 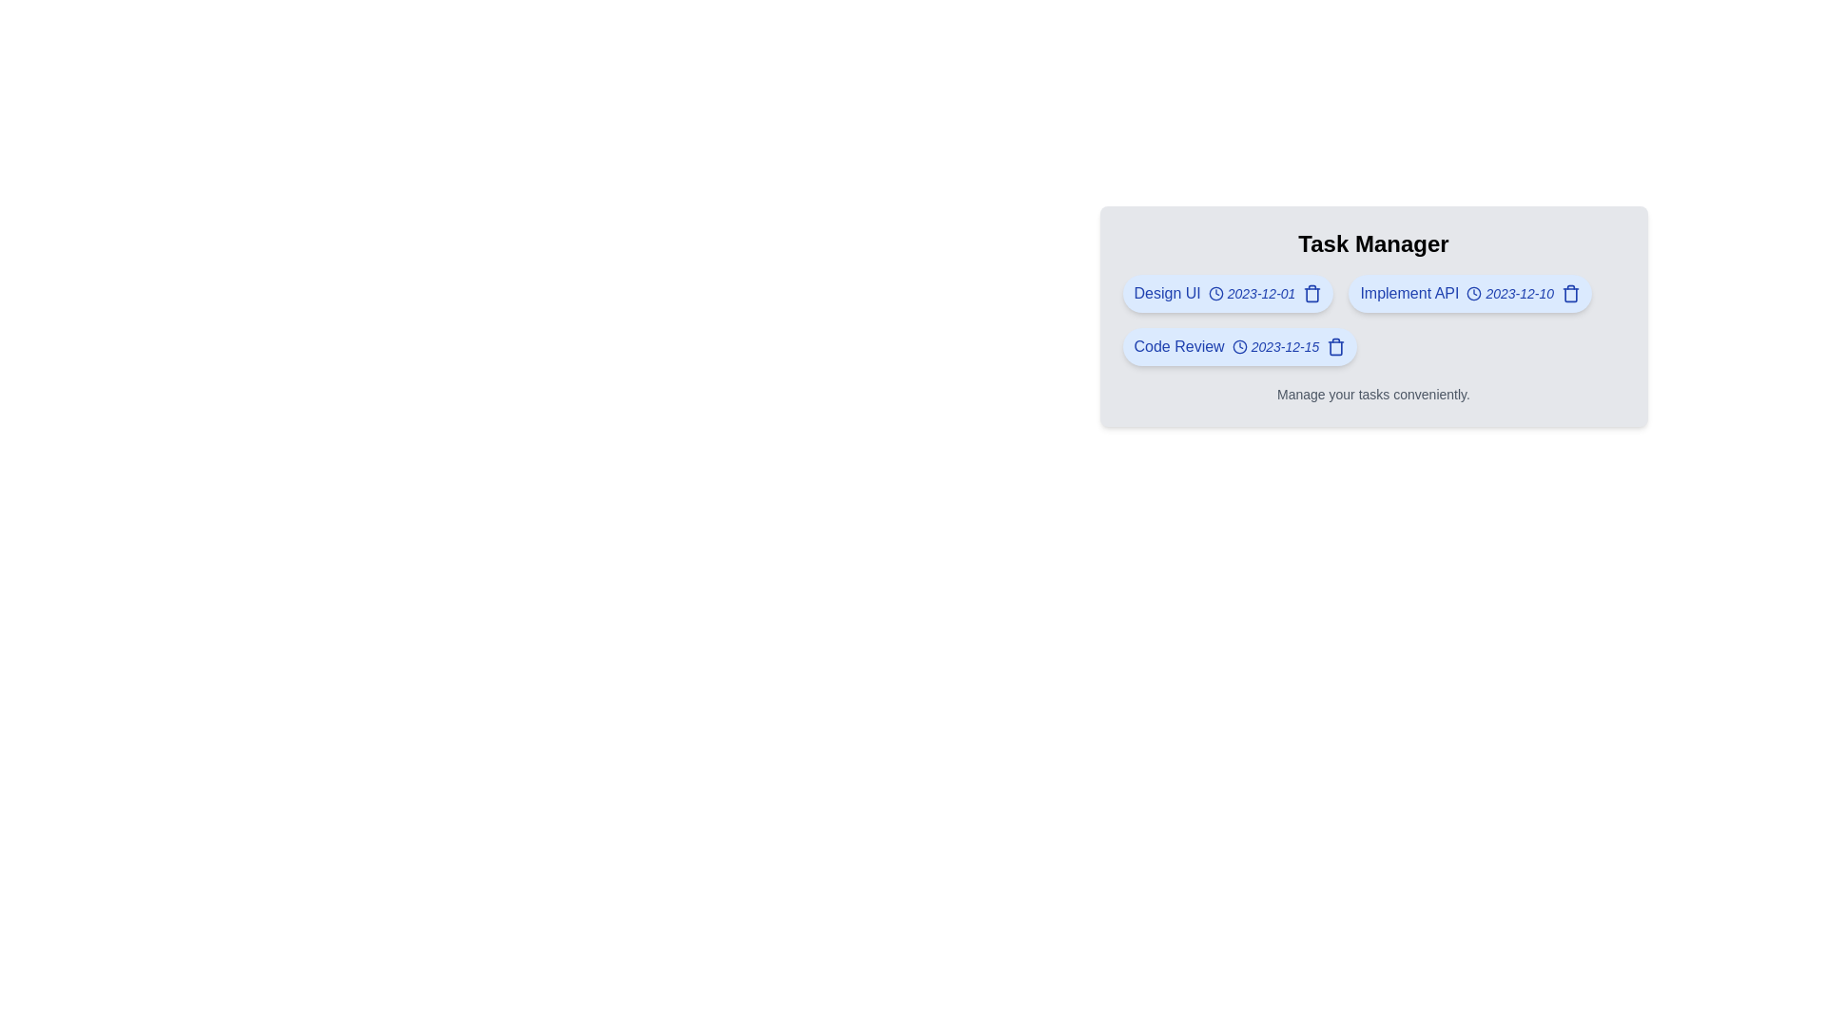 I want to click on the task chip labeled 'Design UI' to view its deadline, so click(x=1228, y=293).